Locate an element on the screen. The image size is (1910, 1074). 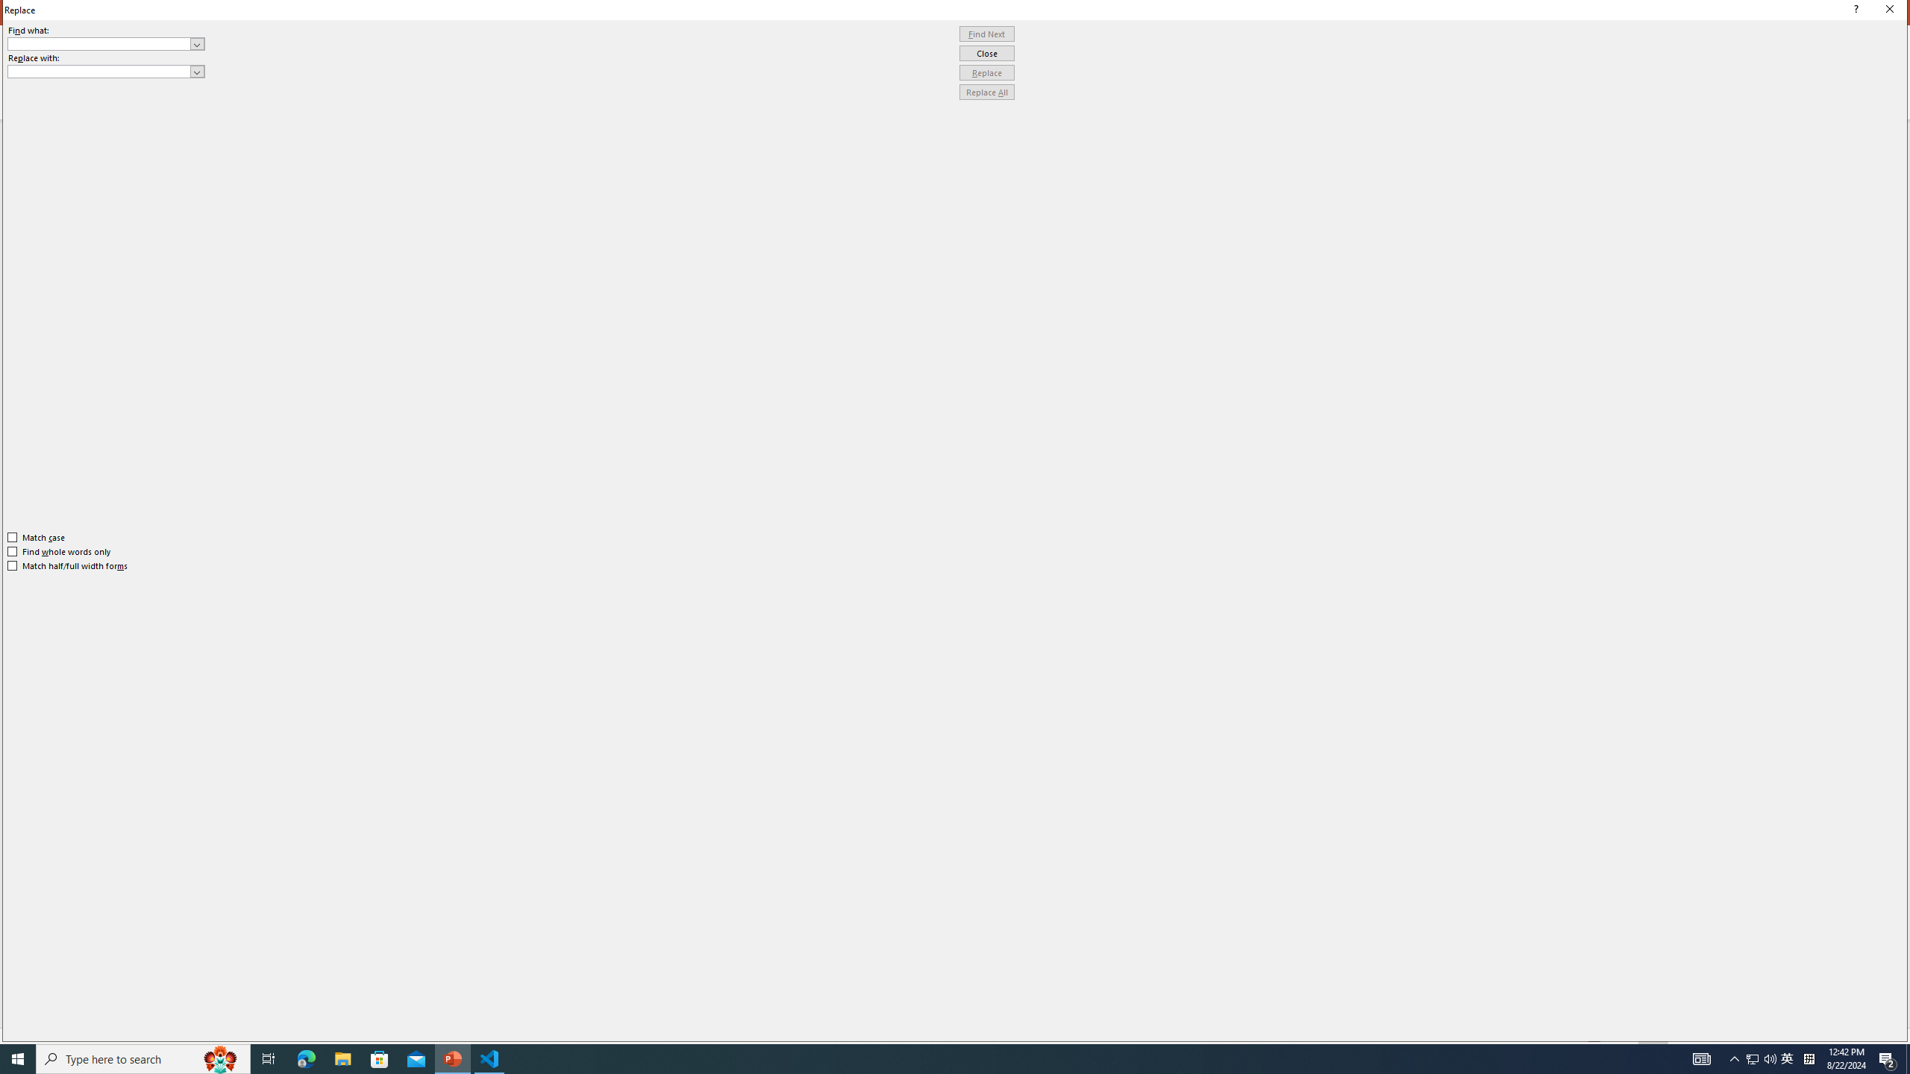
'Replace All' is located at coordinates (986, 91).